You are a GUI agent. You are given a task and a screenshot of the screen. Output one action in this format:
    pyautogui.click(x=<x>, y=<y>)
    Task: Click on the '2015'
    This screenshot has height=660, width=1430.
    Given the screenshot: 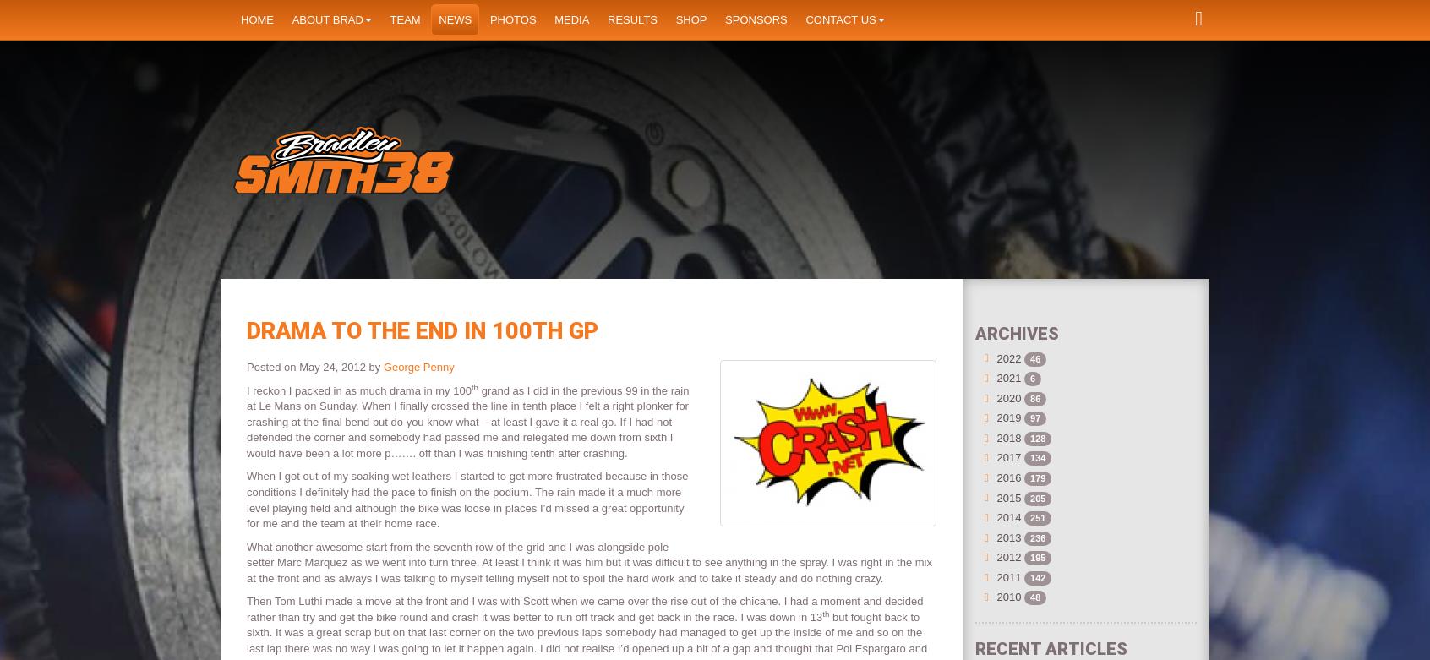 What is the action you would take?
    pyautogui.click(x=1007, y=497)
    